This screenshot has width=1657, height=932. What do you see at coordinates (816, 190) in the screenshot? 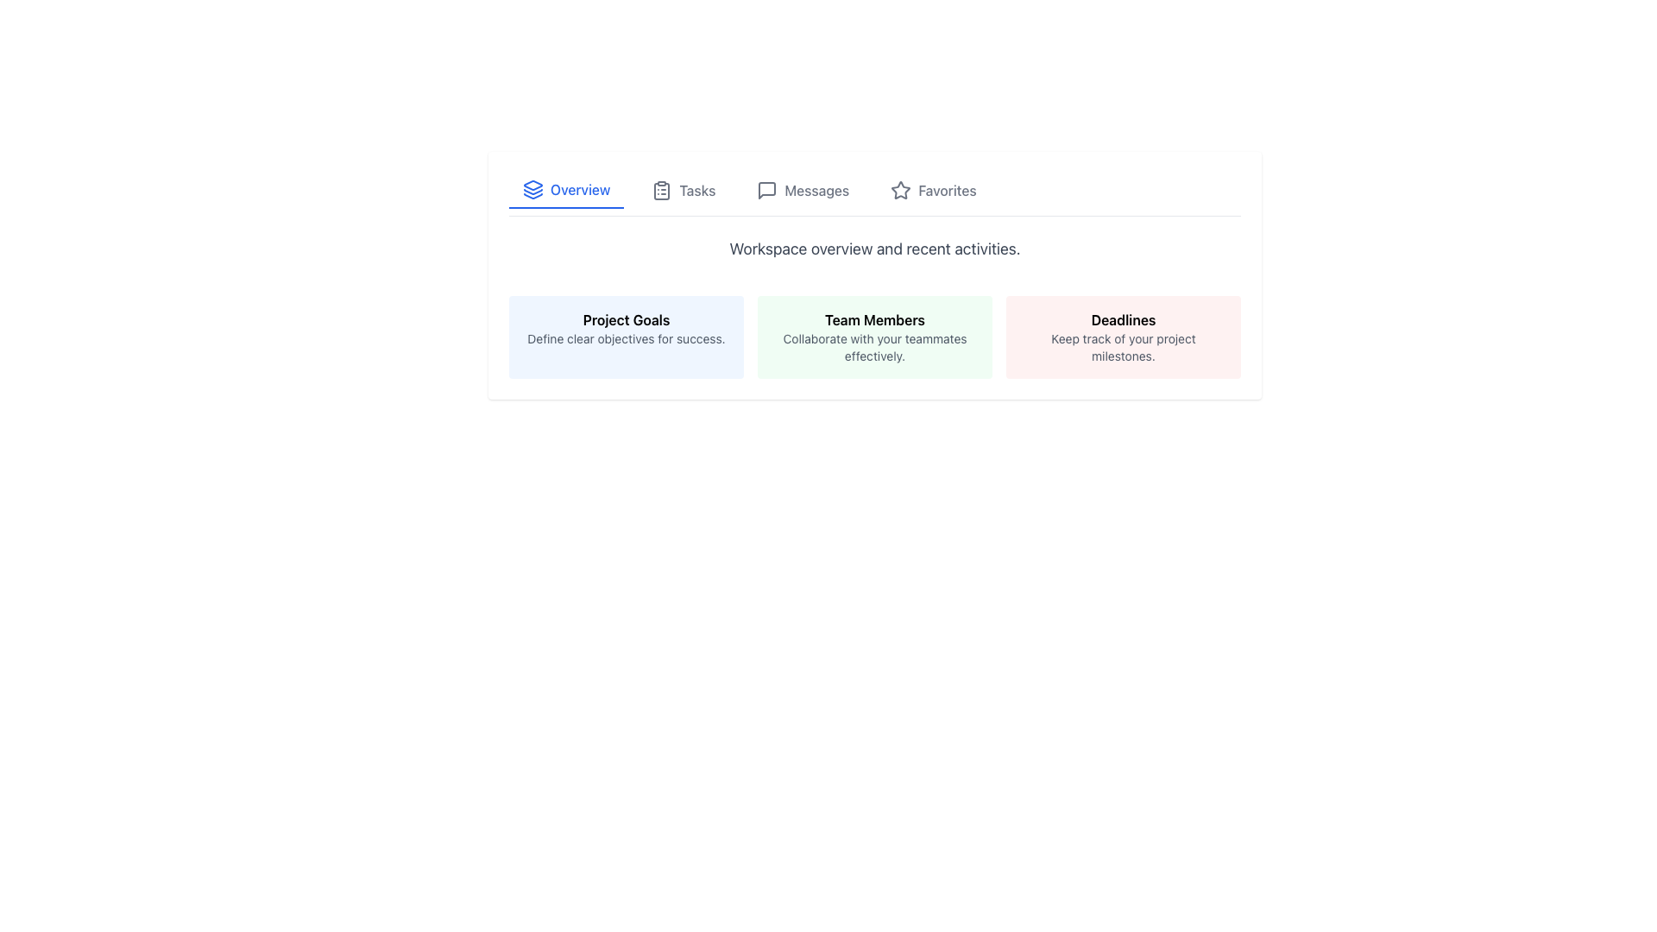
I see `the 'Messages' text label in the navigation bar, which is positioned between the 'Tasks' and 'Favorites' labels` at bounding box center [816, 190].